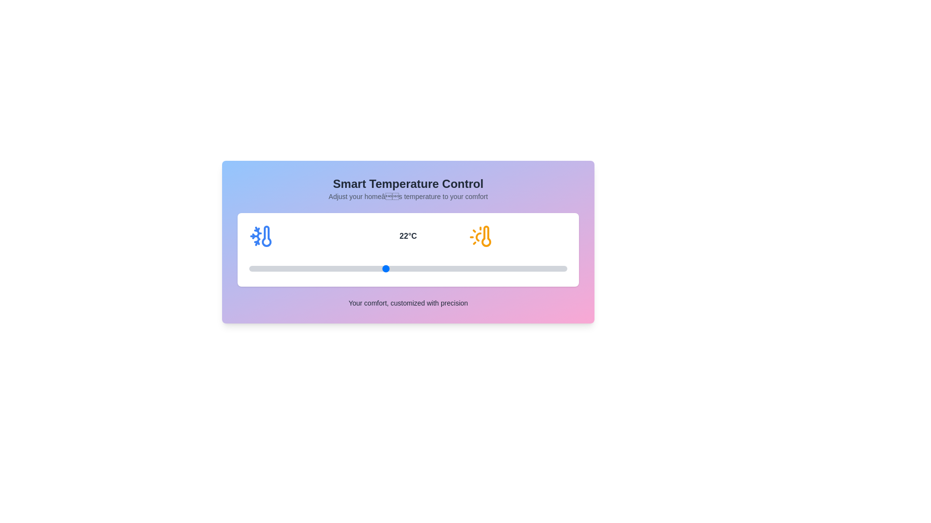 The image size is (931, 523). Describe the element at coordinates (317, 269) in the screenshot. I see `the temperature to 19°C by interacting with the slider` at that location.